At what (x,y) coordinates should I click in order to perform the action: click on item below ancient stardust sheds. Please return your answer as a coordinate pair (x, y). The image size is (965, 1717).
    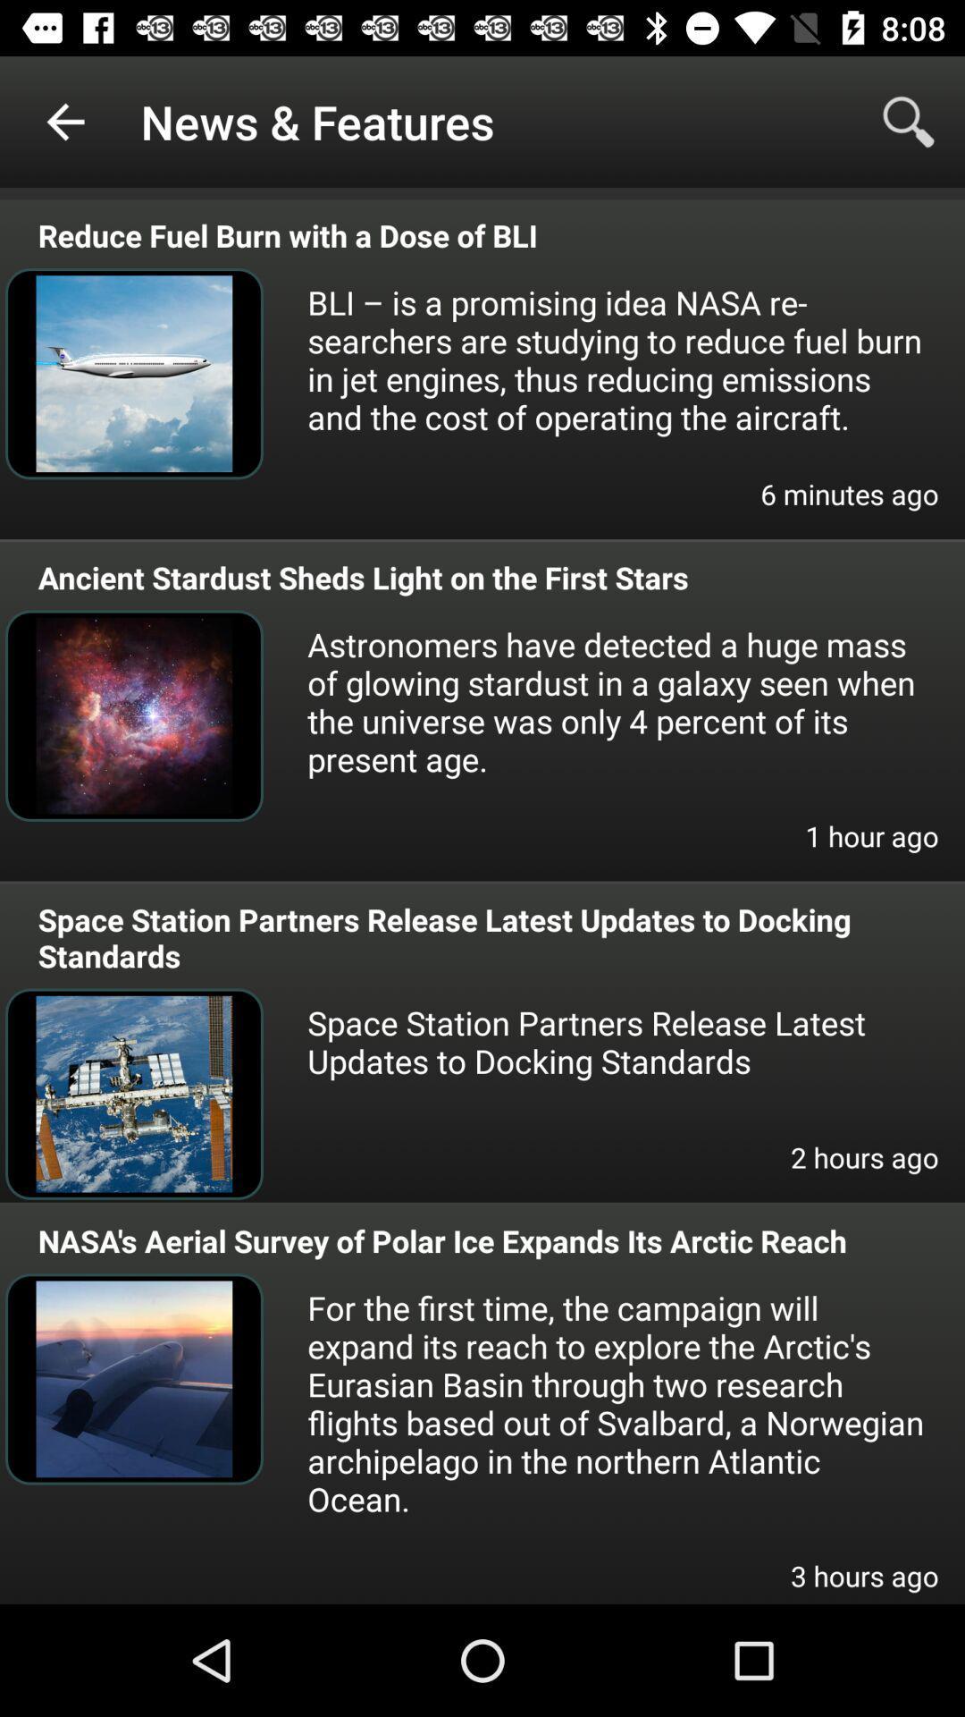
    Looking at the image, I should click on (616, 700).